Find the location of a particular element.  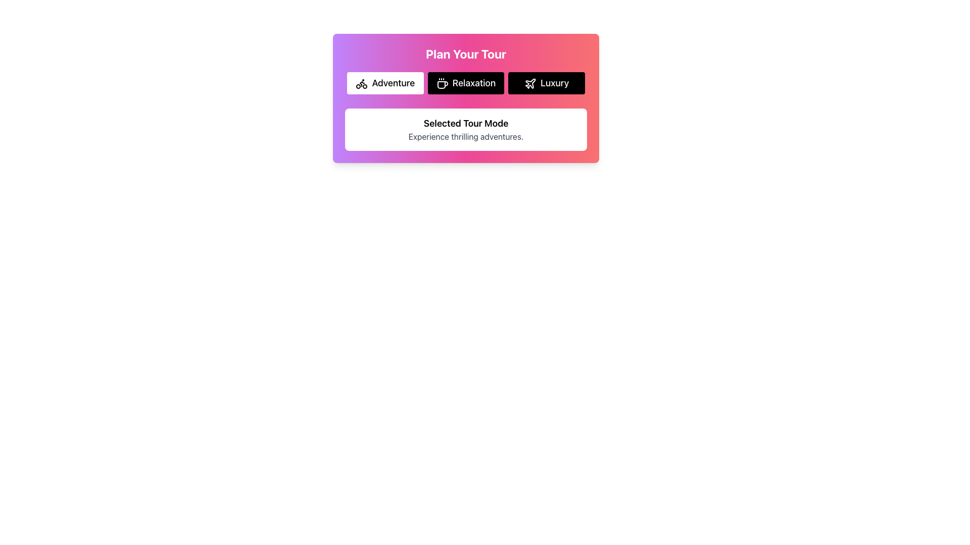

the 'Relaxation' button, the second button in a group of three horizontally aligned buttons, for accessibility navigation is located at coordinates (465, 83).